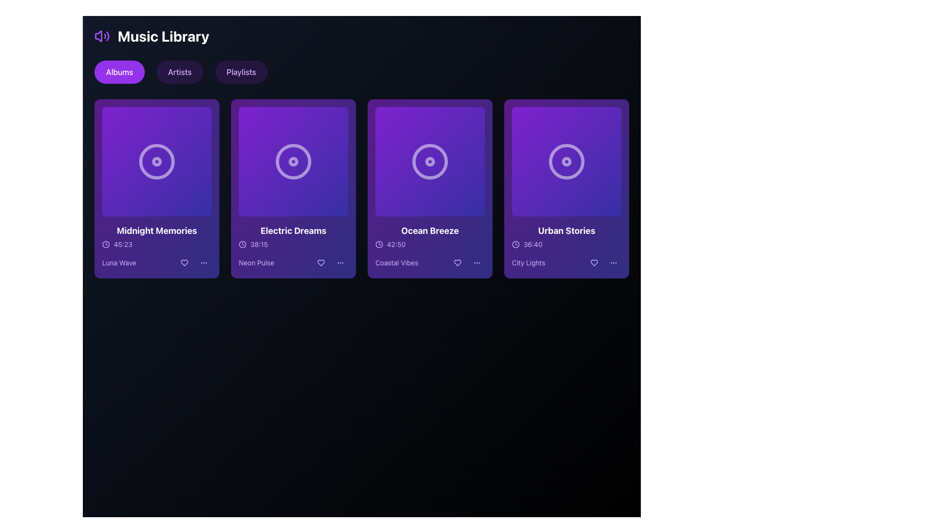 Image resolution: width=930 pixels, height=523 pixels. What do you see at coordinates (184, 263) in the screenshot?
I see `the heart-shaped icon filled with purple color located at the bottom-right section of the 'Midnight Memories' music card to mark or unmark it as favorite` at bounding box center [184, 263].